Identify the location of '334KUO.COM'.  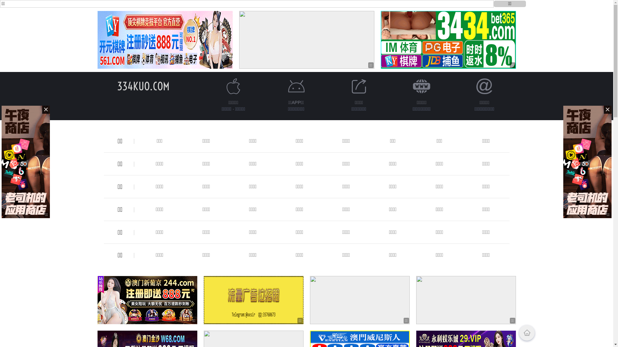
(117, 86).